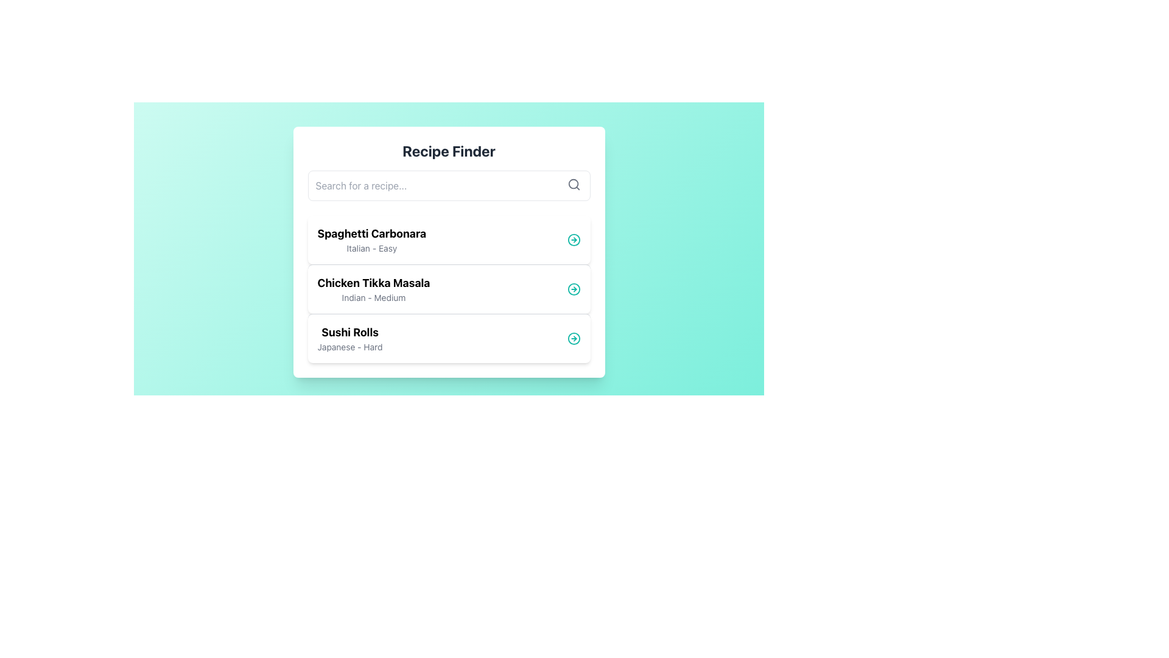  Describe the element at coordinates (573, 289) in the screenshot. I see `the circular icon button with a rightward arrow, located to the right of 'Chicken Tikka Masala'` at that location.